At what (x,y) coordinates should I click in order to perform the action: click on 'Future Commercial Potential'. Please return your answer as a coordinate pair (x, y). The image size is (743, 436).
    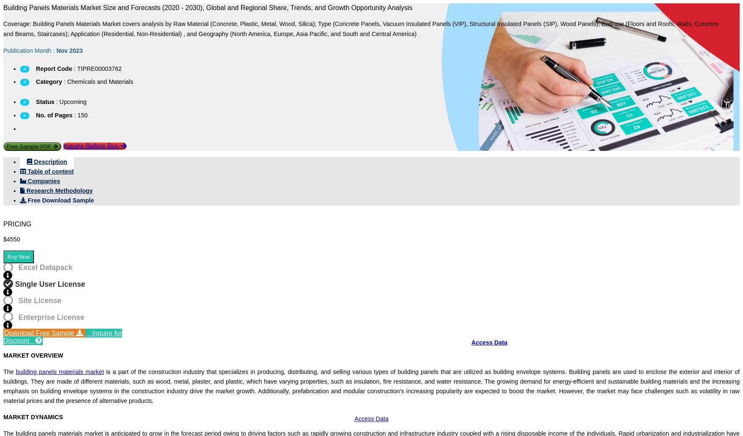
    Looking at the image, I should click on (166, 383).